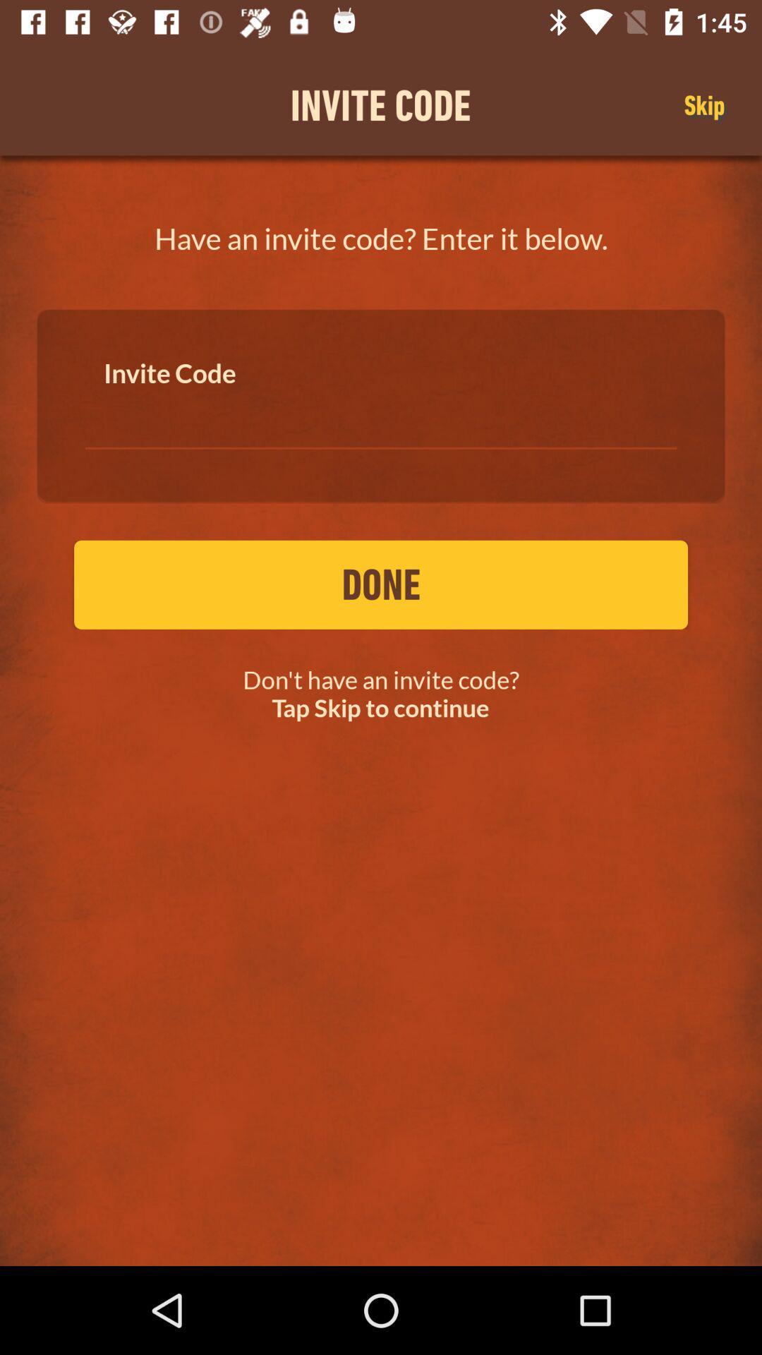  What do you see at coordinates (381, 415) in the screenshot?
I see `type invitation code` at bounding box center [381, 415].